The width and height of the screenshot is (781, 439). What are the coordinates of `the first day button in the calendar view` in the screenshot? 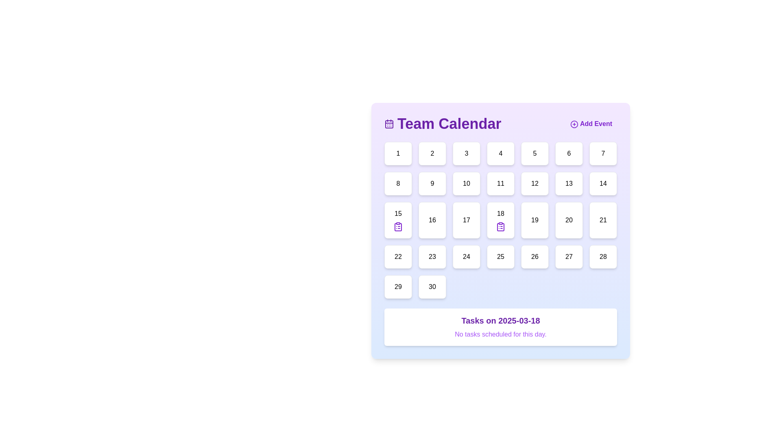 It's located at (398, 154).